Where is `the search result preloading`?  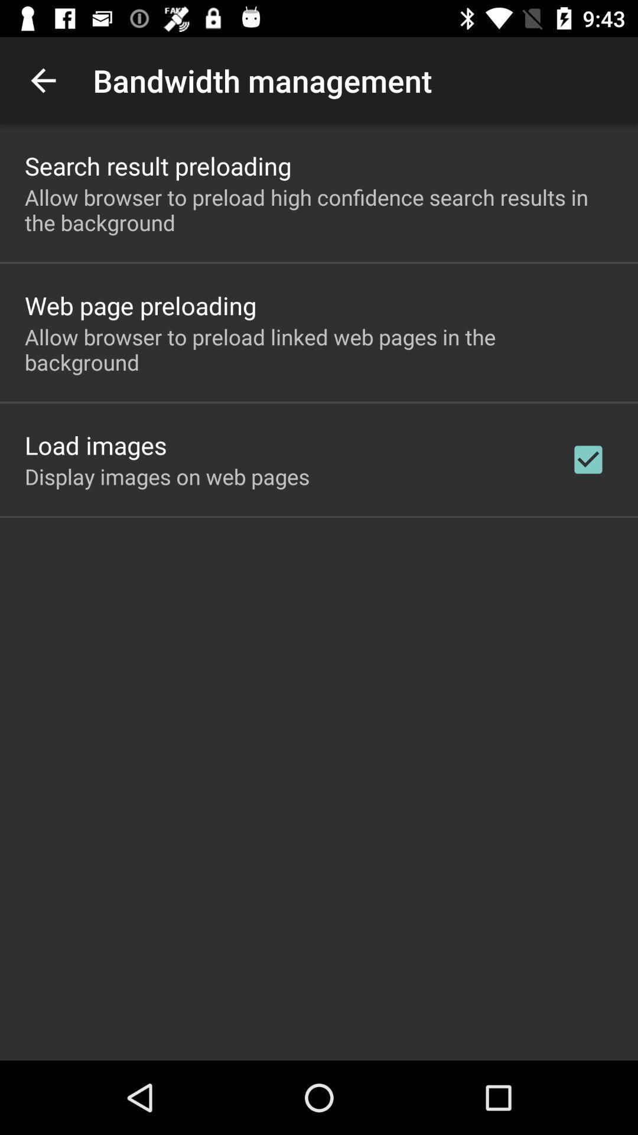
the search result preloading is located at coordinates (157, 165).